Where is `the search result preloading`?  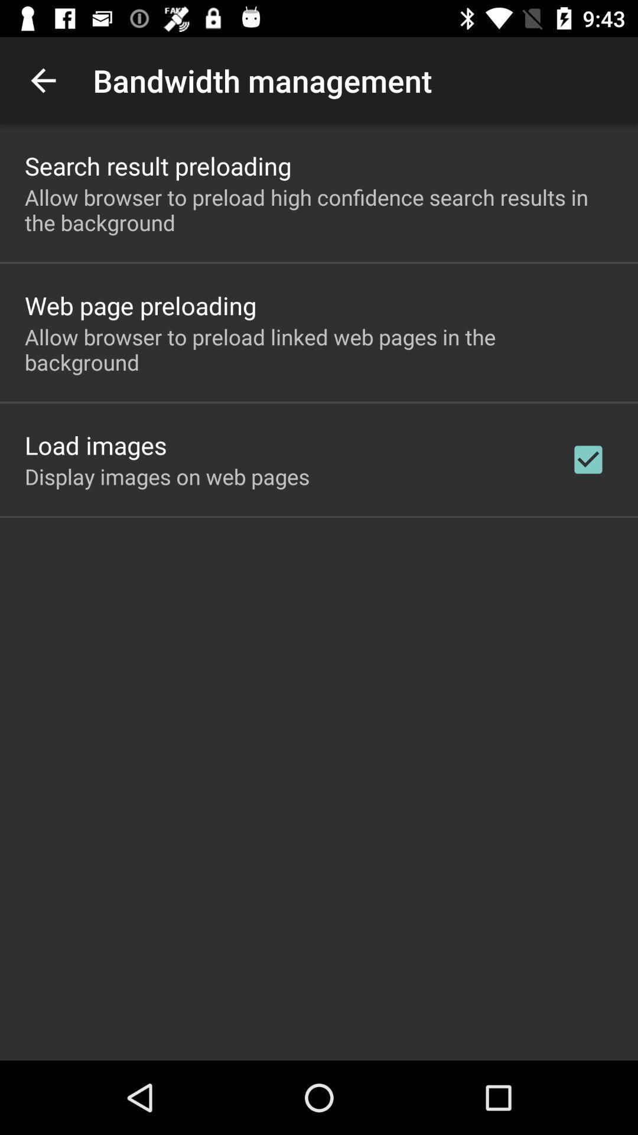
the search result preloading is located at coordinates (157, 165).